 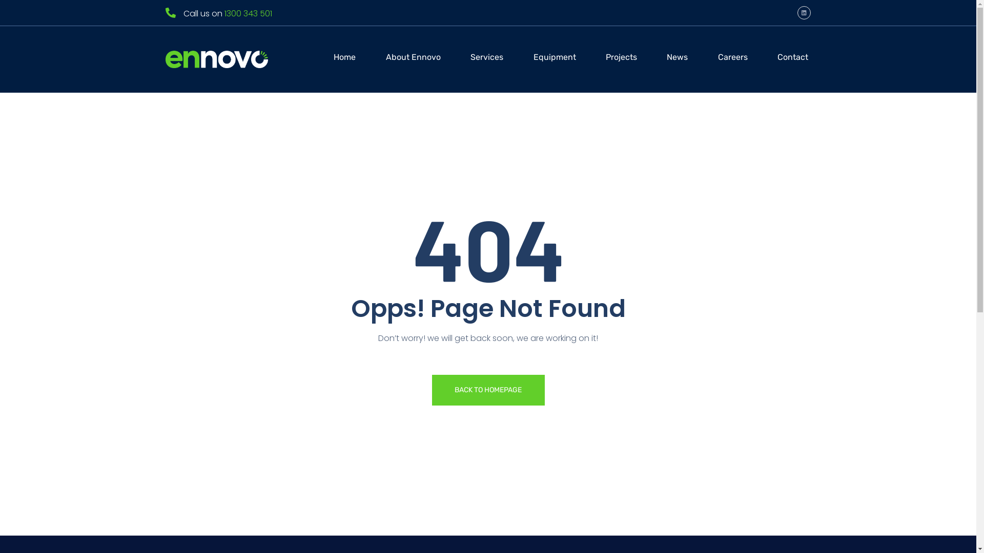 I want to click on '1300 343 501', so click(x=248, y=13).